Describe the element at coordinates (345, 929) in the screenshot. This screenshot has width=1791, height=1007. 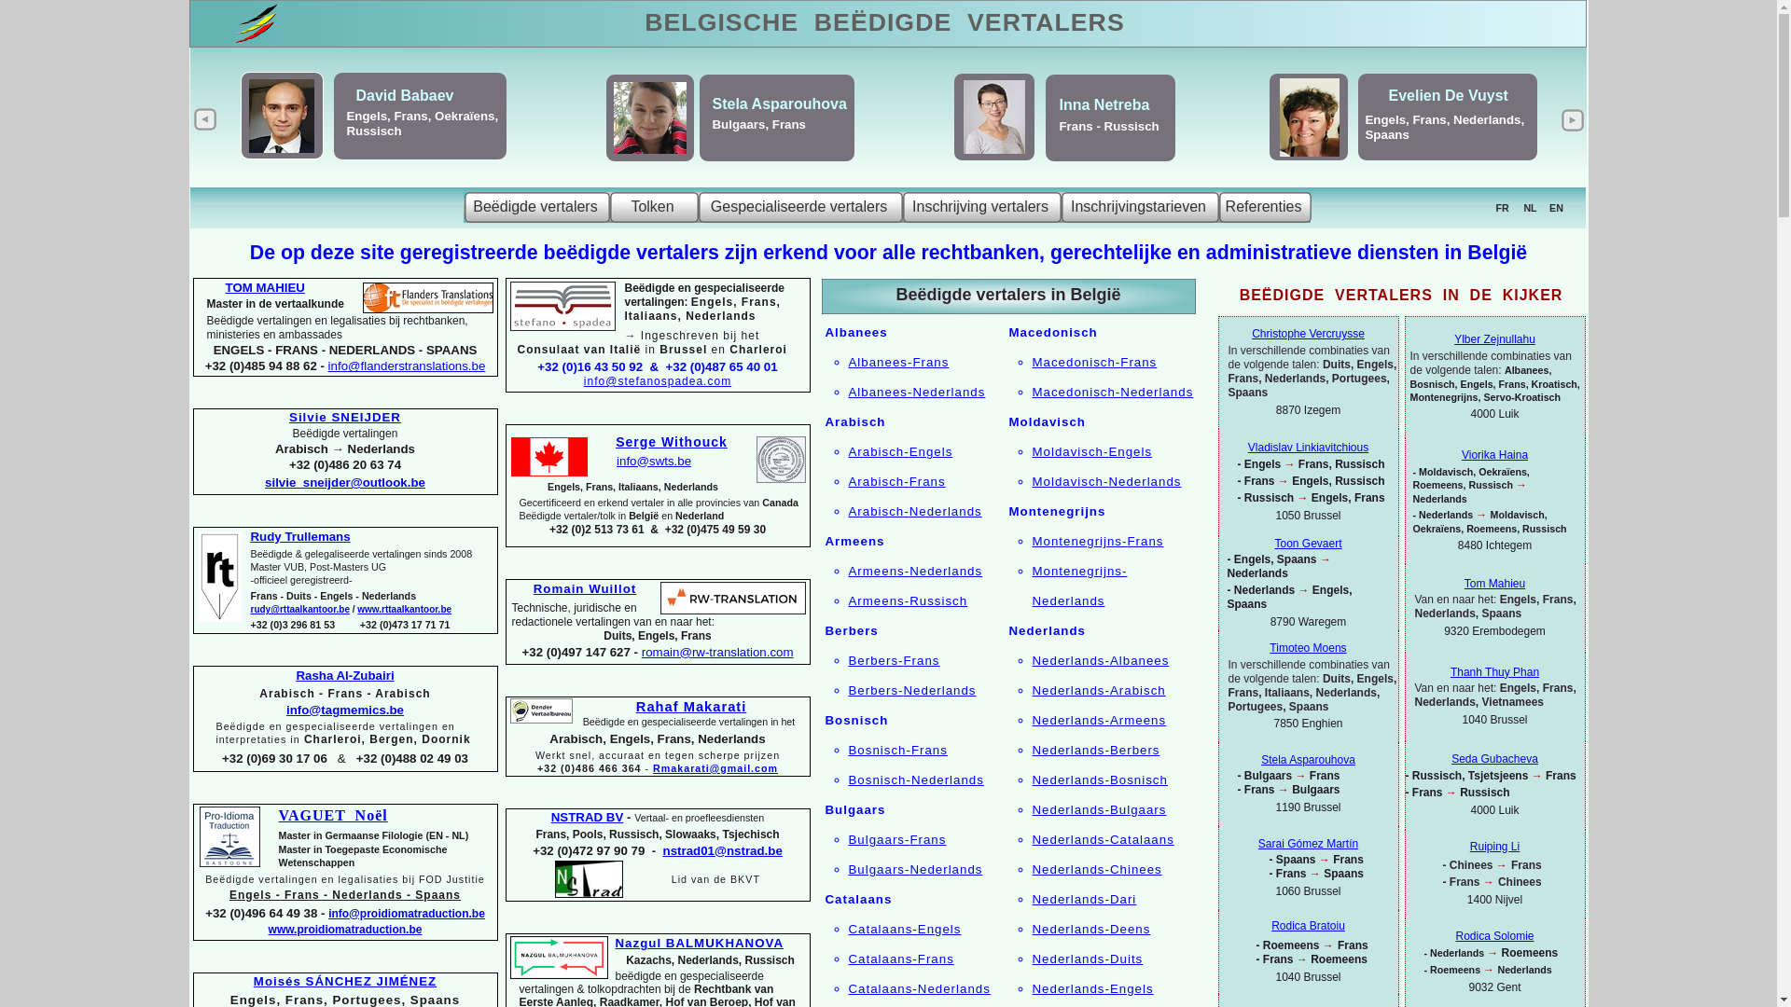
I see `'www.proidiomatraduction.be'` at that location.